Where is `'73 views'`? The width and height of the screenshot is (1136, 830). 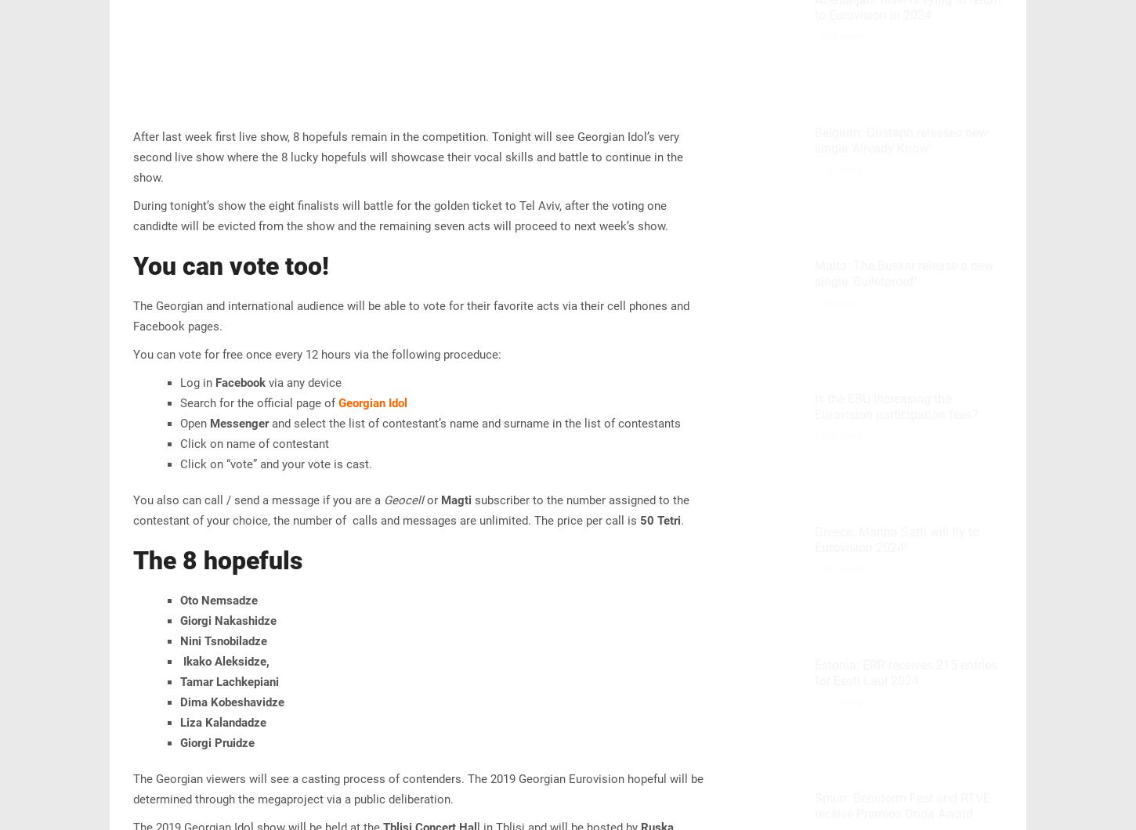
'73 views' is located at coordinates (837, 303).